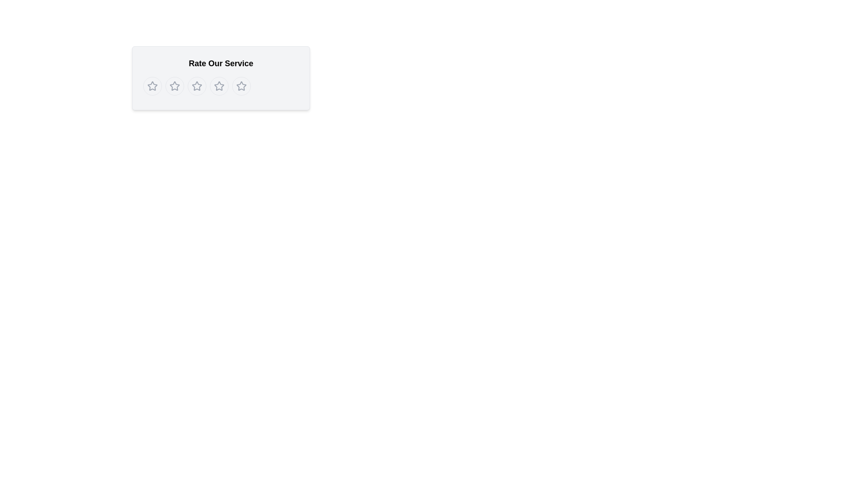  What do you see at coordinates (241, 86) in the screenshot?
I see `the fifth star icon in the 5-star rating system` at bounding box center [241, 86].